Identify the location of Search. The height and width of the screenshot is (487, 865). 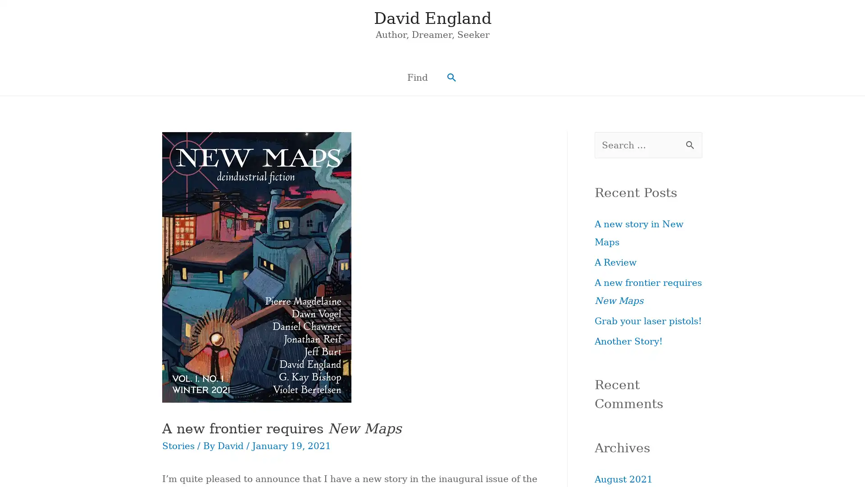
(692, 146).